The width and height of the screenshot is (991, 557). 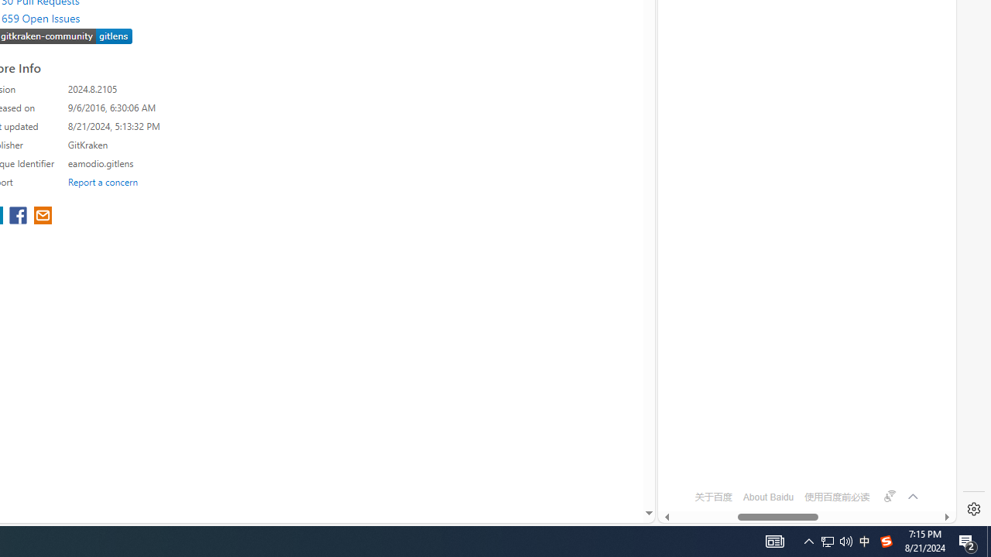 I want to click on 'OFTV', so click(x=801, y=453).